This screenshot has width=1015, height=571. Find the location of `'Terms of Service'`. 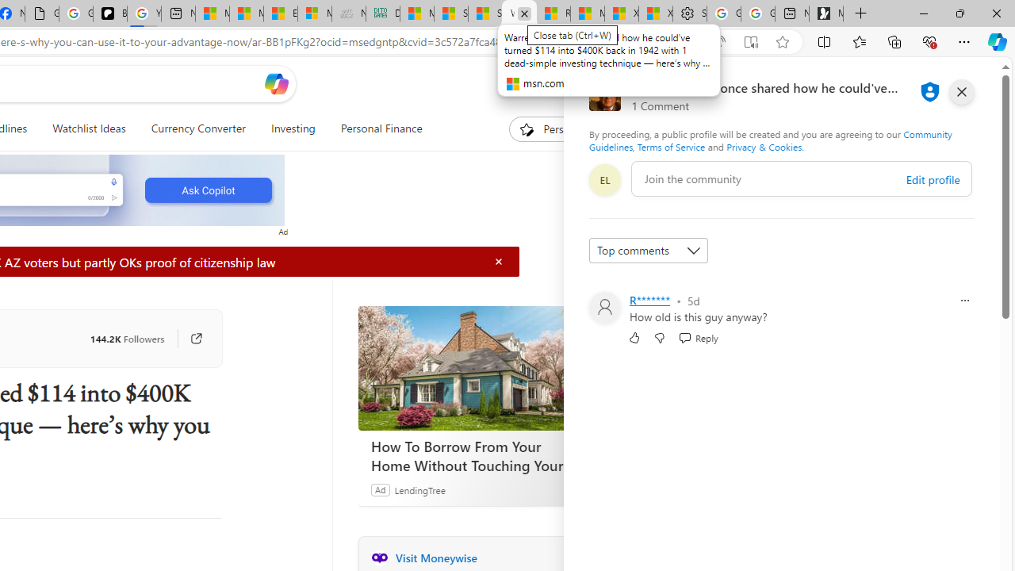

'Terms of Service' is located at coordinates (671, 147).